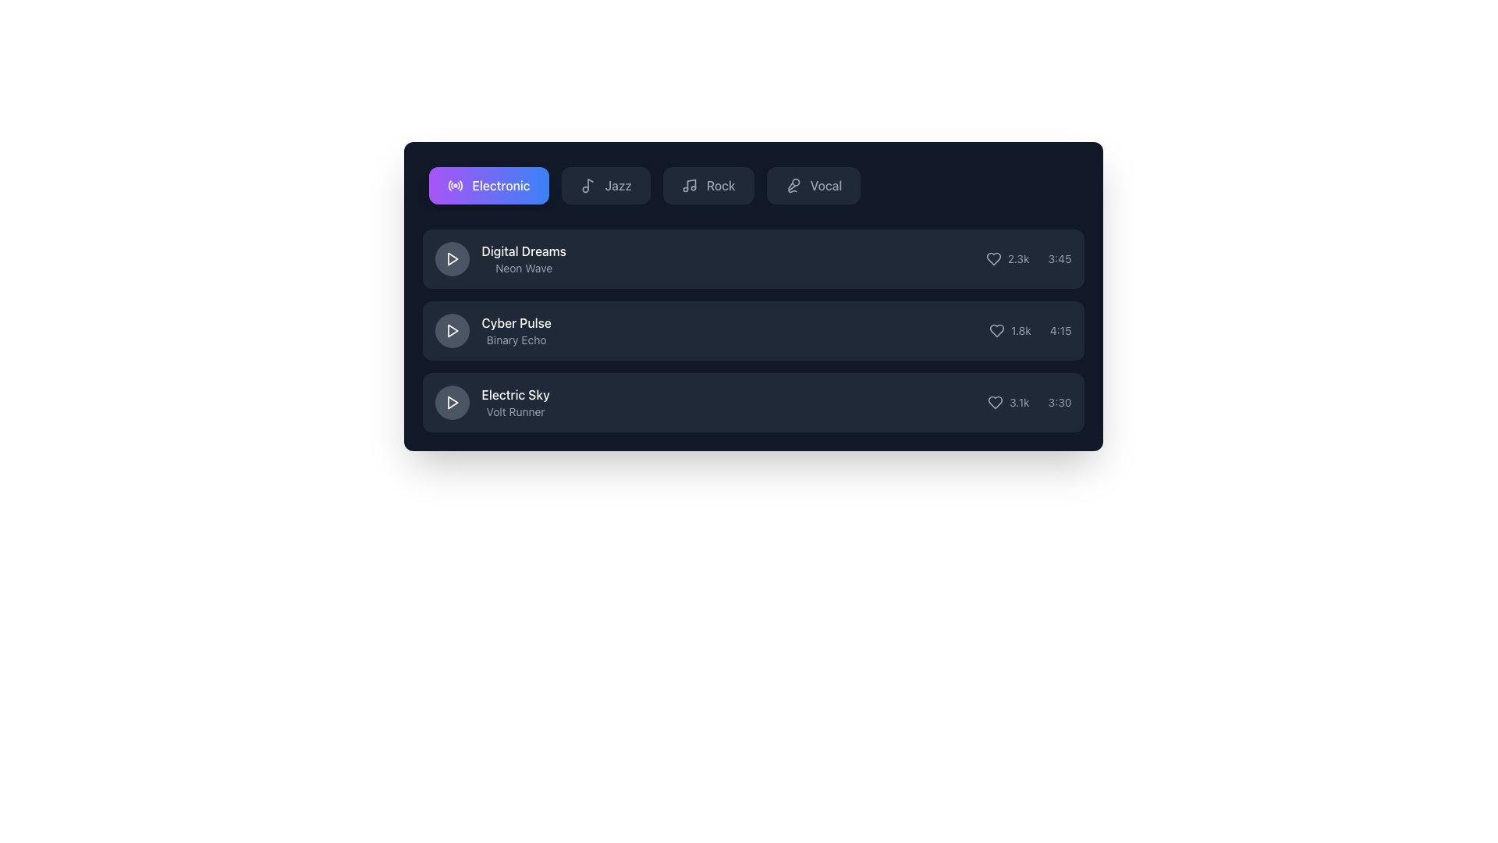 The height and width of the screenshot is (843, 1498). Describe the element at coordinates (524, 258) in the screenshot. I see `the Text label representing the title and description of a selectable item in the media interface, located to the right of the circular play button` at that location.